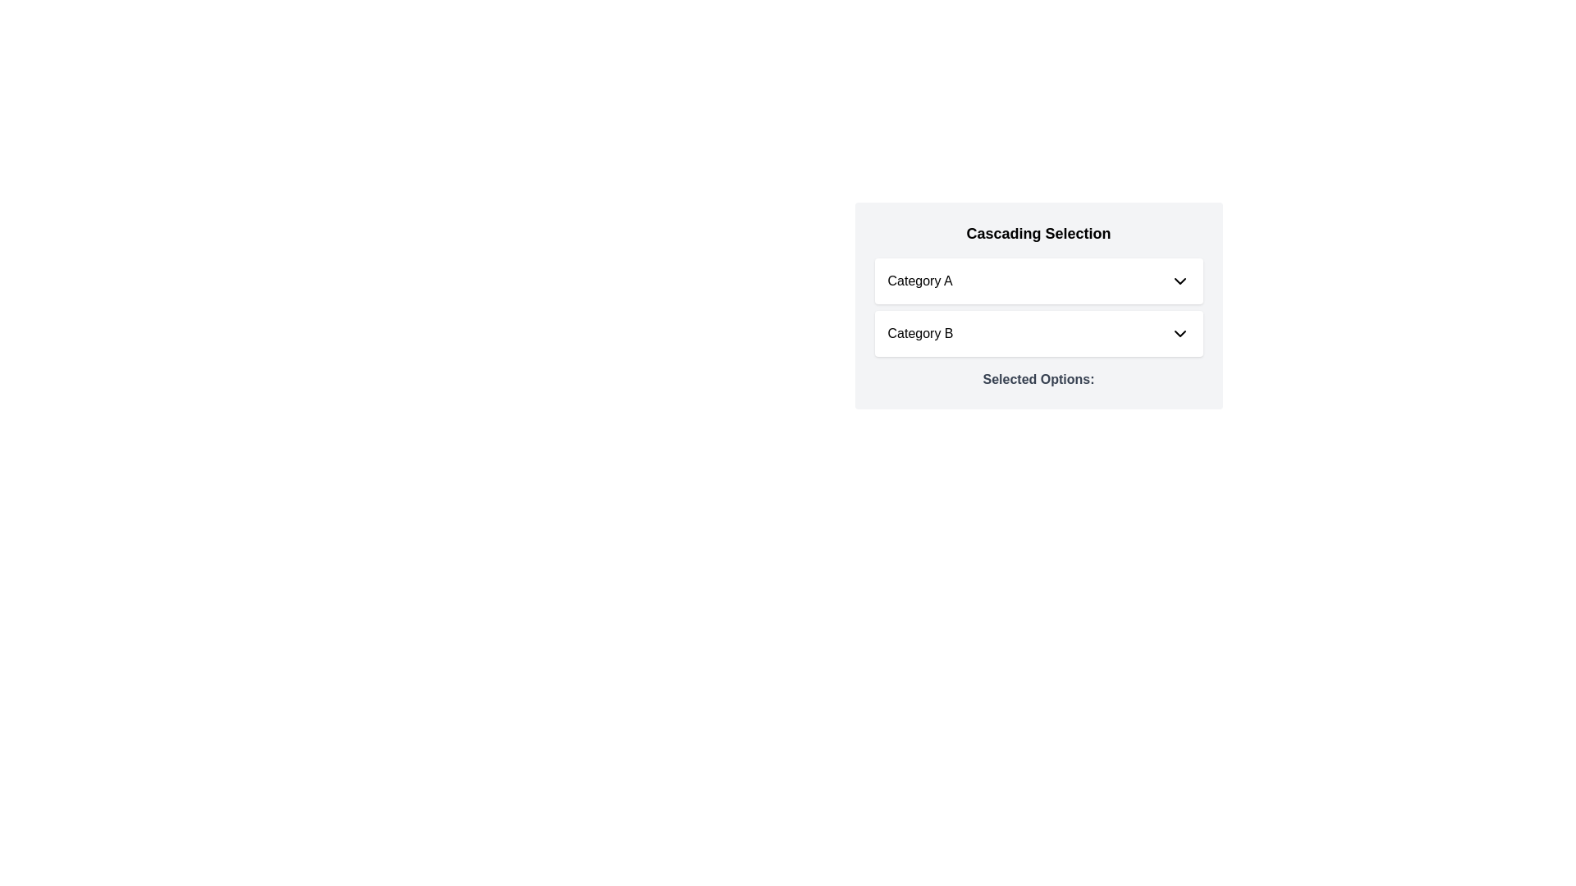 The image size is (1576, 886). What do you see at coordinates (1038, 379) in the screenshot?
I see `the static text label indicating the content related to the user's selected options, located within the 'Cascading Selection' panel, positioned below the dropdown lists 'Category A' and 'Category B'` at bounding box center [1038, 379].